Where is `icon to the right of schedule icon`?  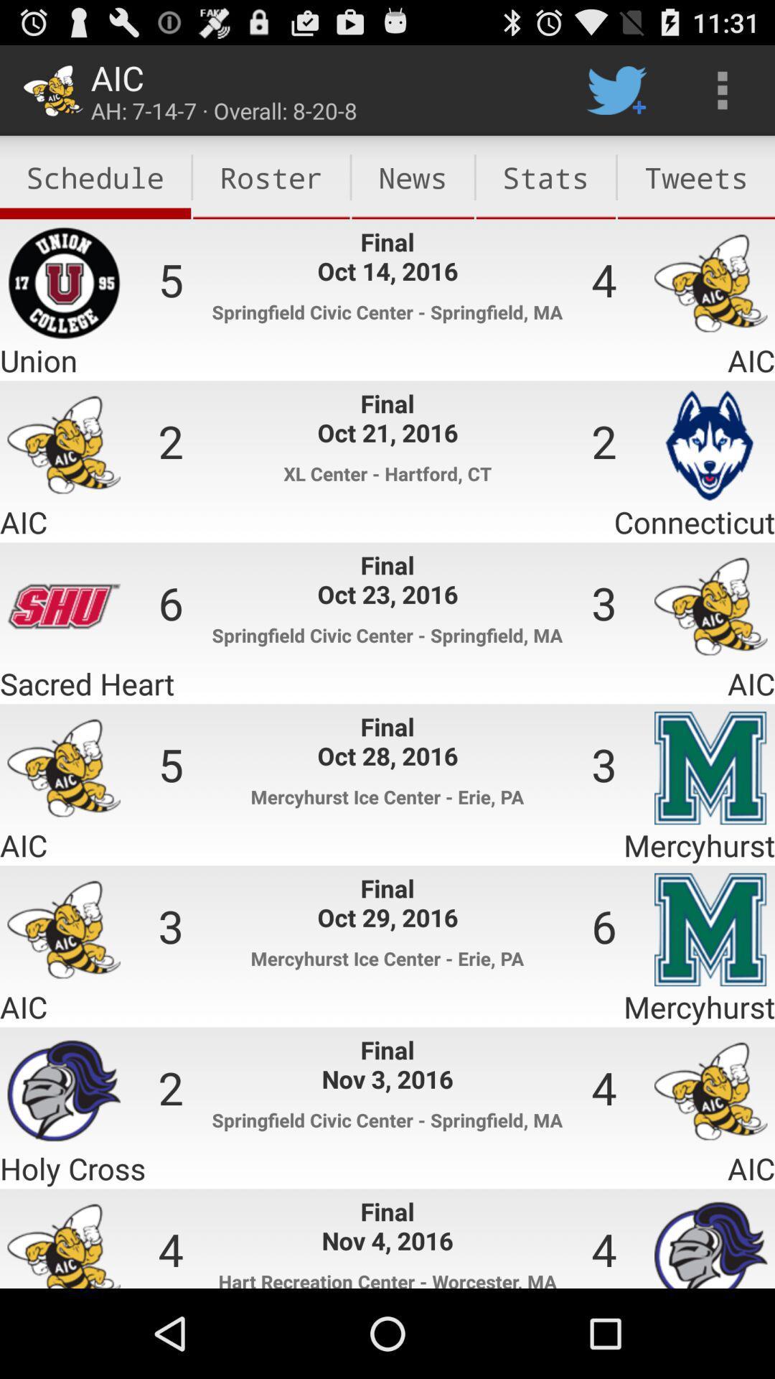 icon to the right of schedule icon is located at coordinates (271, 177).